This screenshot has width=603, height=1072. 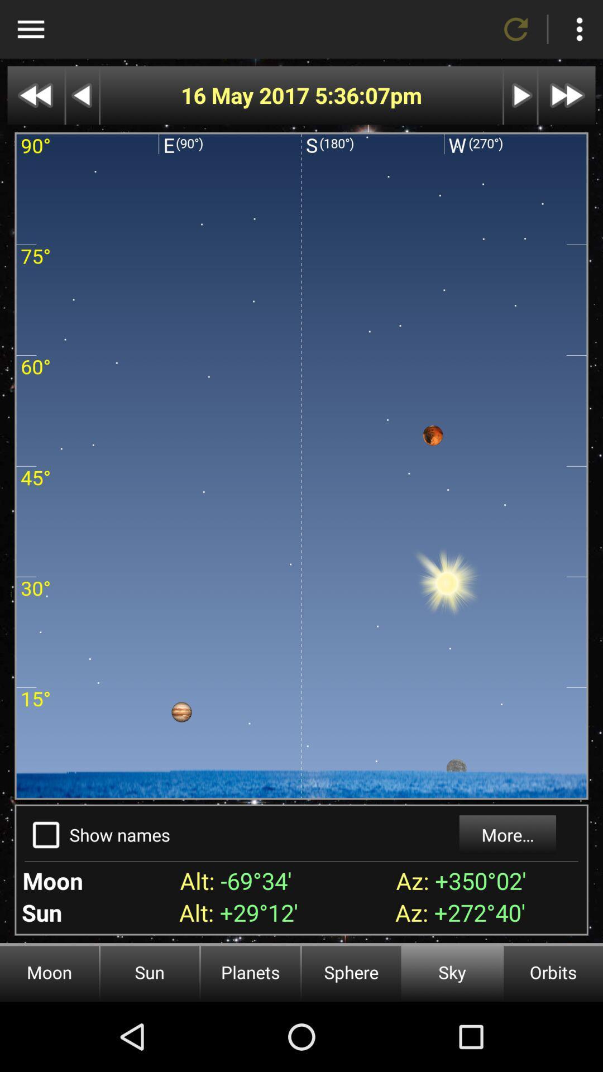 What do you see at coordinates (30, 29) in the screenshot?
I see `menu curtain` at bounding box center [30, 29].